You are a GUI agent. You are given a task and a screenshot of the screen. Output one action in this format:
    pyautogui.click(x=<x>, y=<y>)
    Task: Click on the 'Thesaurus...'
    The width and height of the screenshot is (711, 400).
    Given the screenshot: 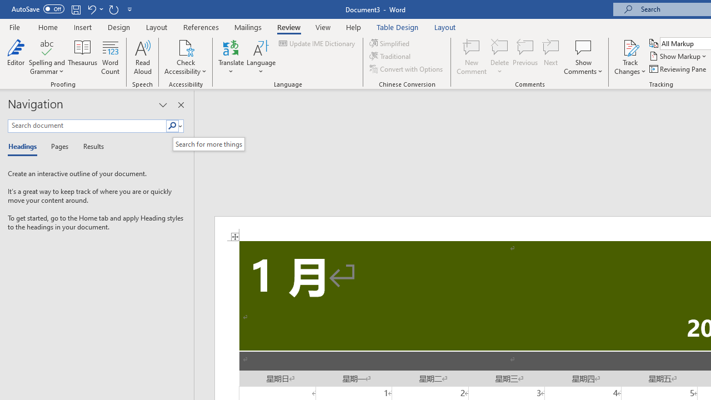 What is the action you would take?
    pyautogui.click(x=82, y=57)
    